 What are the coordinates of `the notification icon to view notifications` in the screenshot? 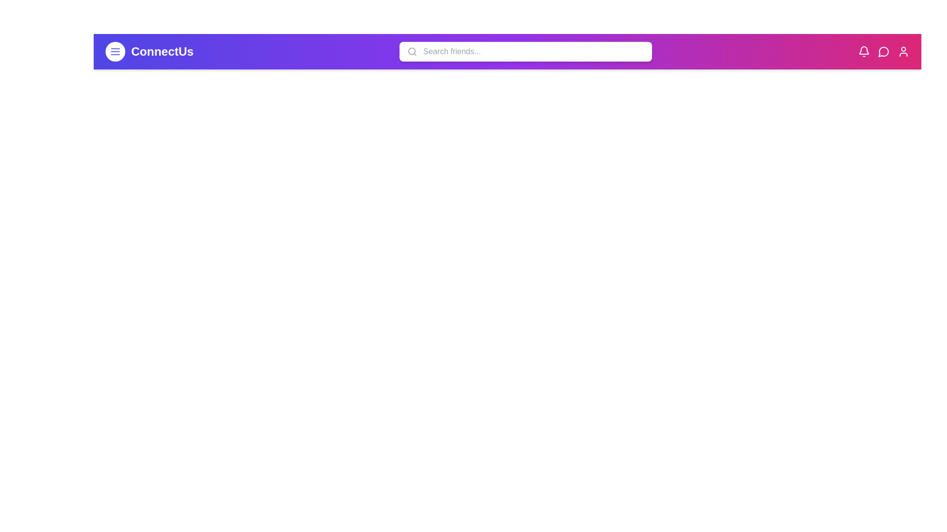 It's located at (864, 51).